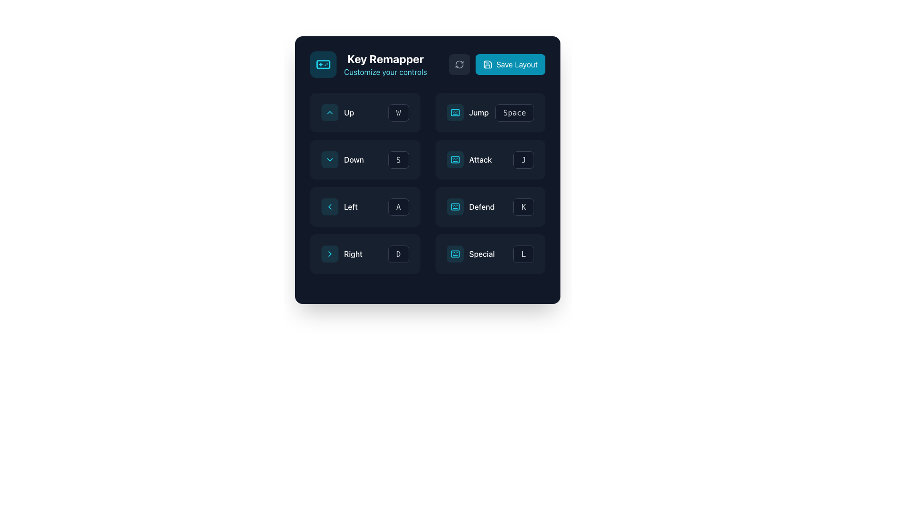 The width and height of the screenshot is (905, 509). What do you see at coordinates (385, 58) in the screenshot?
I see `the title or heading label that indicates the purpose of the application, positioned above the text 'Customize your controls'` at bounding box center [385, 58].